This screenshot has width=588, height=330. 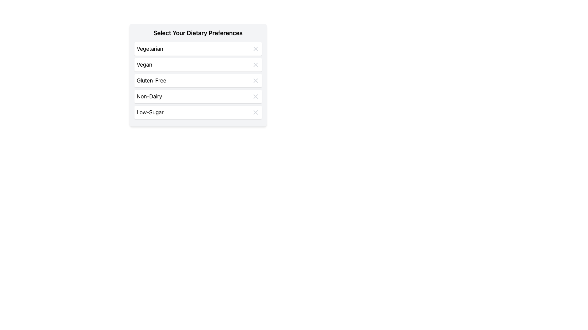 I want to click on the third item, so click(x=198, y=80).